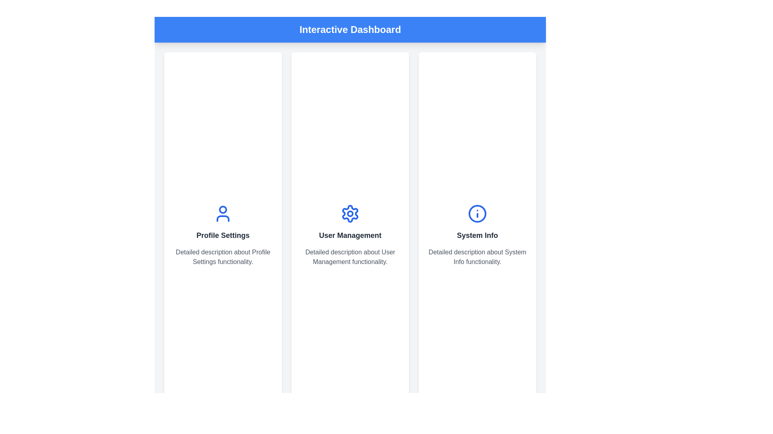  I want to click on the descriptive text block that provides additional information about the 'User Management' feature, located below the heading 'User Management', so click(350, 257).